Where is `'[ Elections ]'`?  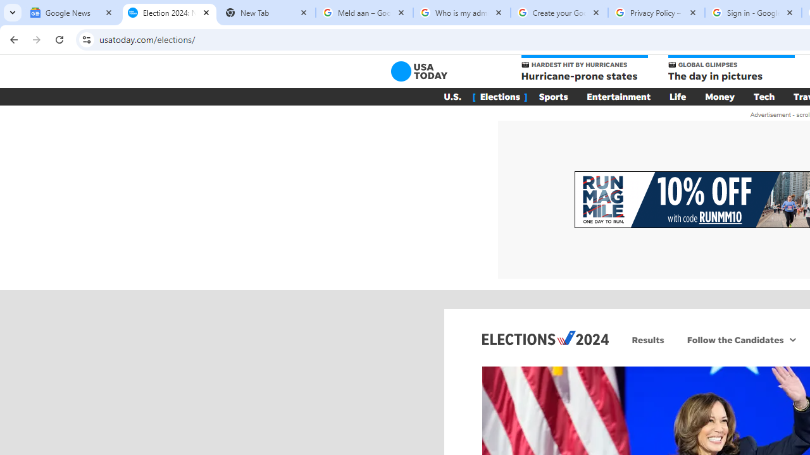
'[ Elections ]' is located at coordinates (499, 96).